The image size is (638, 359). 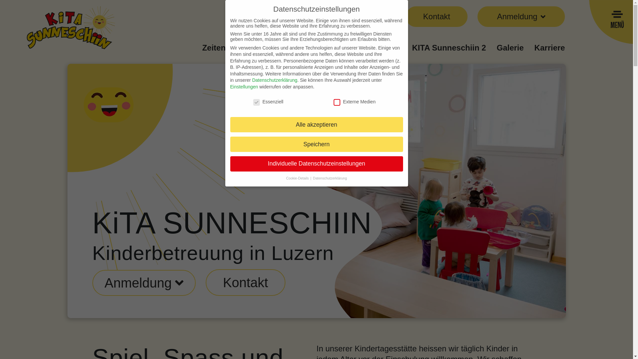 I want to click on 'Galerie', so click(x=510, y=47).